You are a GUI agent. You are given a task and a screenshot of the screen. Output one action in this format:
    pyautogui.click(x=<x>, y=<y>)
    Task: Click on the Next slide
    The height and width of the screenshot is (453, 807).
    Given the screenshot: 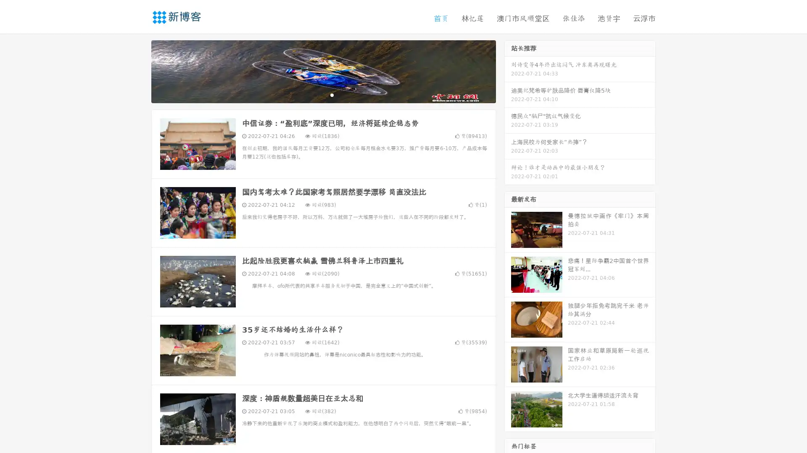 What is the action you would take?
    pyautogui.click(x=508, y=70)
    